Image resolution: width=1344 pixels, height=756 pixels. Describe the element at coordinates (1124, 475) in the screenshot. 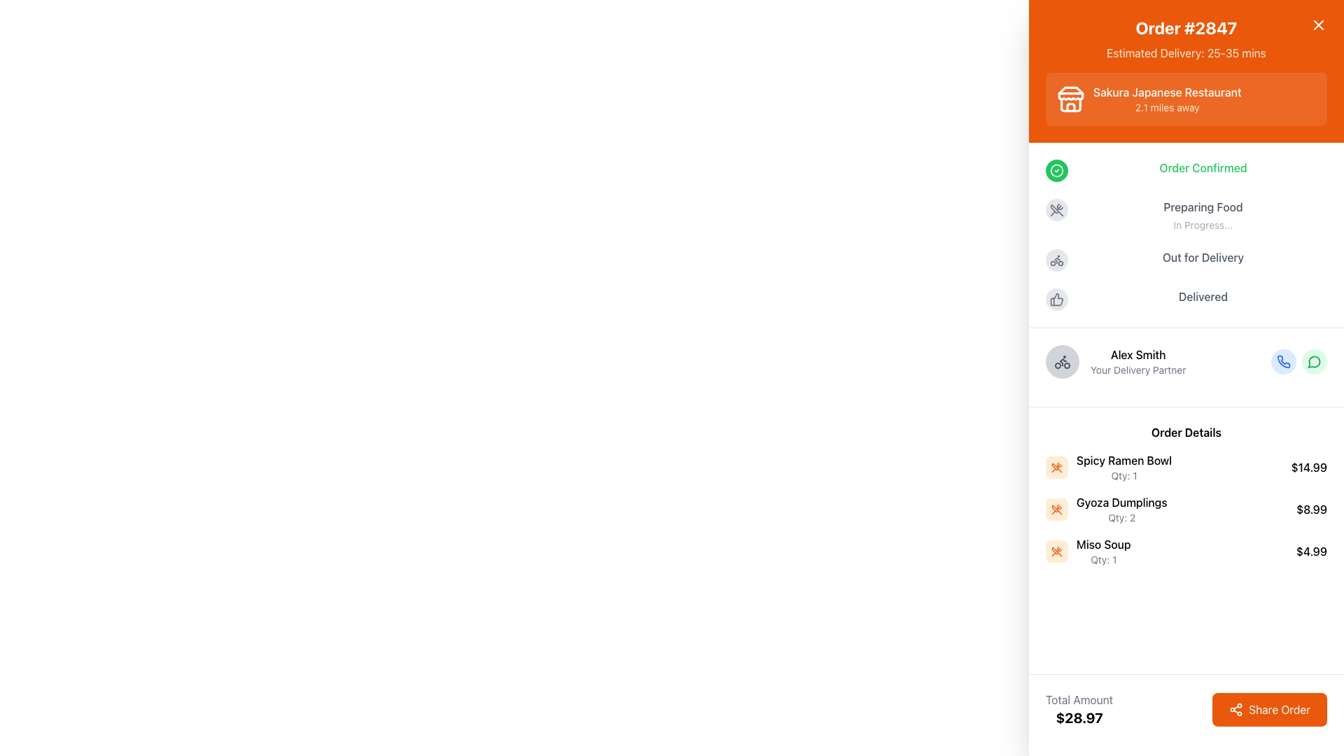

I see `the text label displaying 'Qty: 1', which is located beneath 'Spicy Ramen Bowl' in the order details section` at that location.